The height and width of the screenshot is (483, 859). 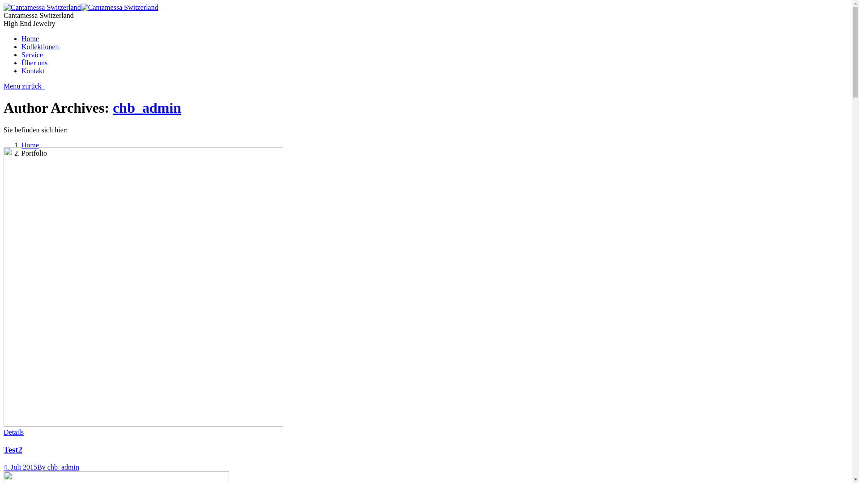 I want to click on 'Home', so click(x=30, y=144).